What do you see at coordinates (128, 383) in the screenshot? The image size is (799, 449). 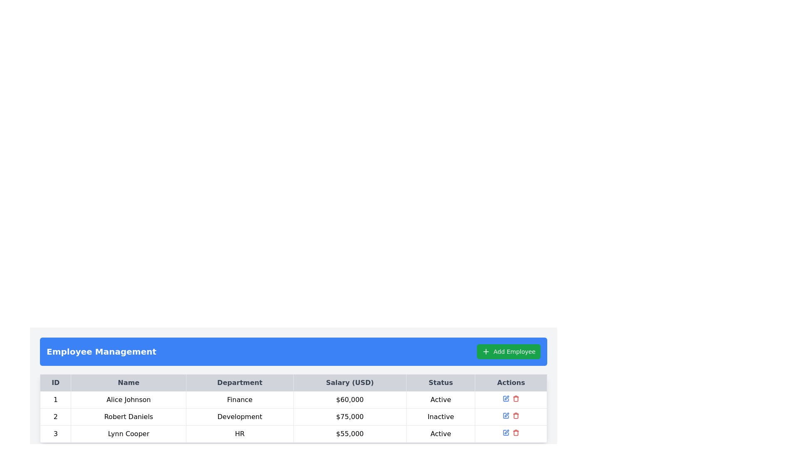 I see `the table header cell labeled 'Name', which is the second column header in the 'Employee Management' section, styled with a light gray background and bold dark text` at bounding box center [128, 383].